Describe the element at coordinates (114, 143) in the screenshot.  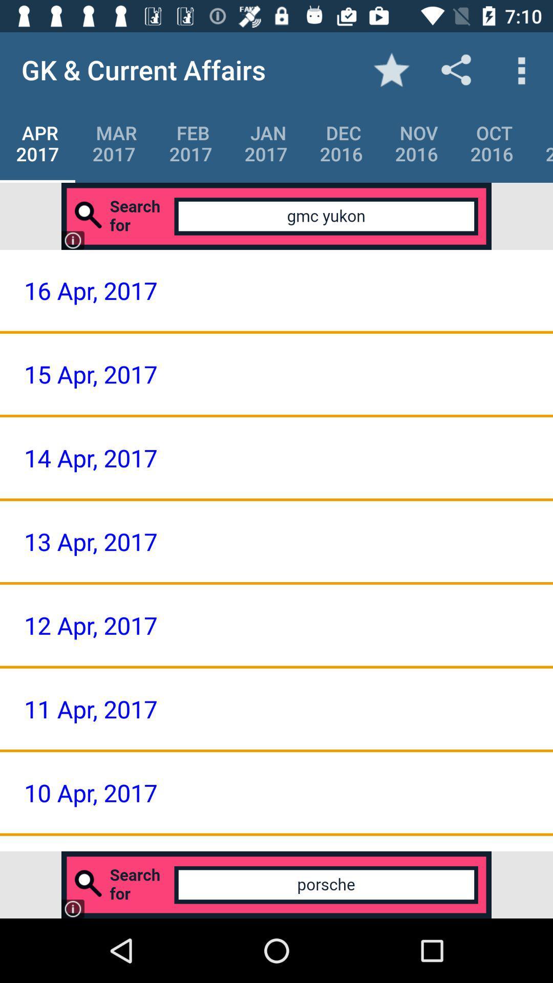
I see `the icon to the left of  feb` at that location.